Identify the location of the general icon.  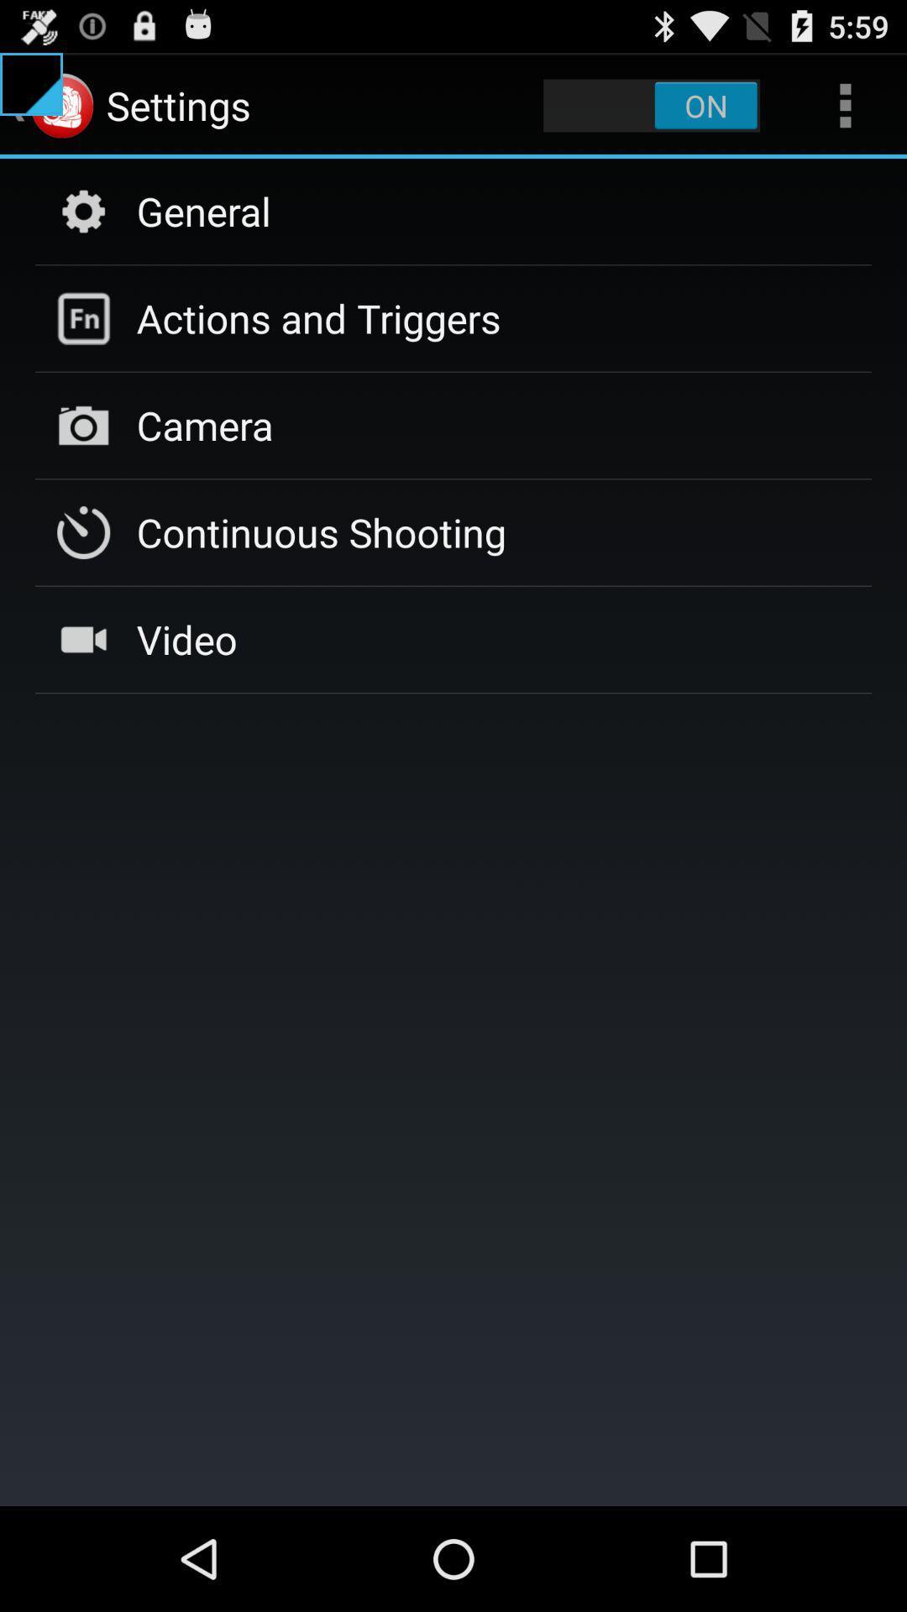
(202, 210).